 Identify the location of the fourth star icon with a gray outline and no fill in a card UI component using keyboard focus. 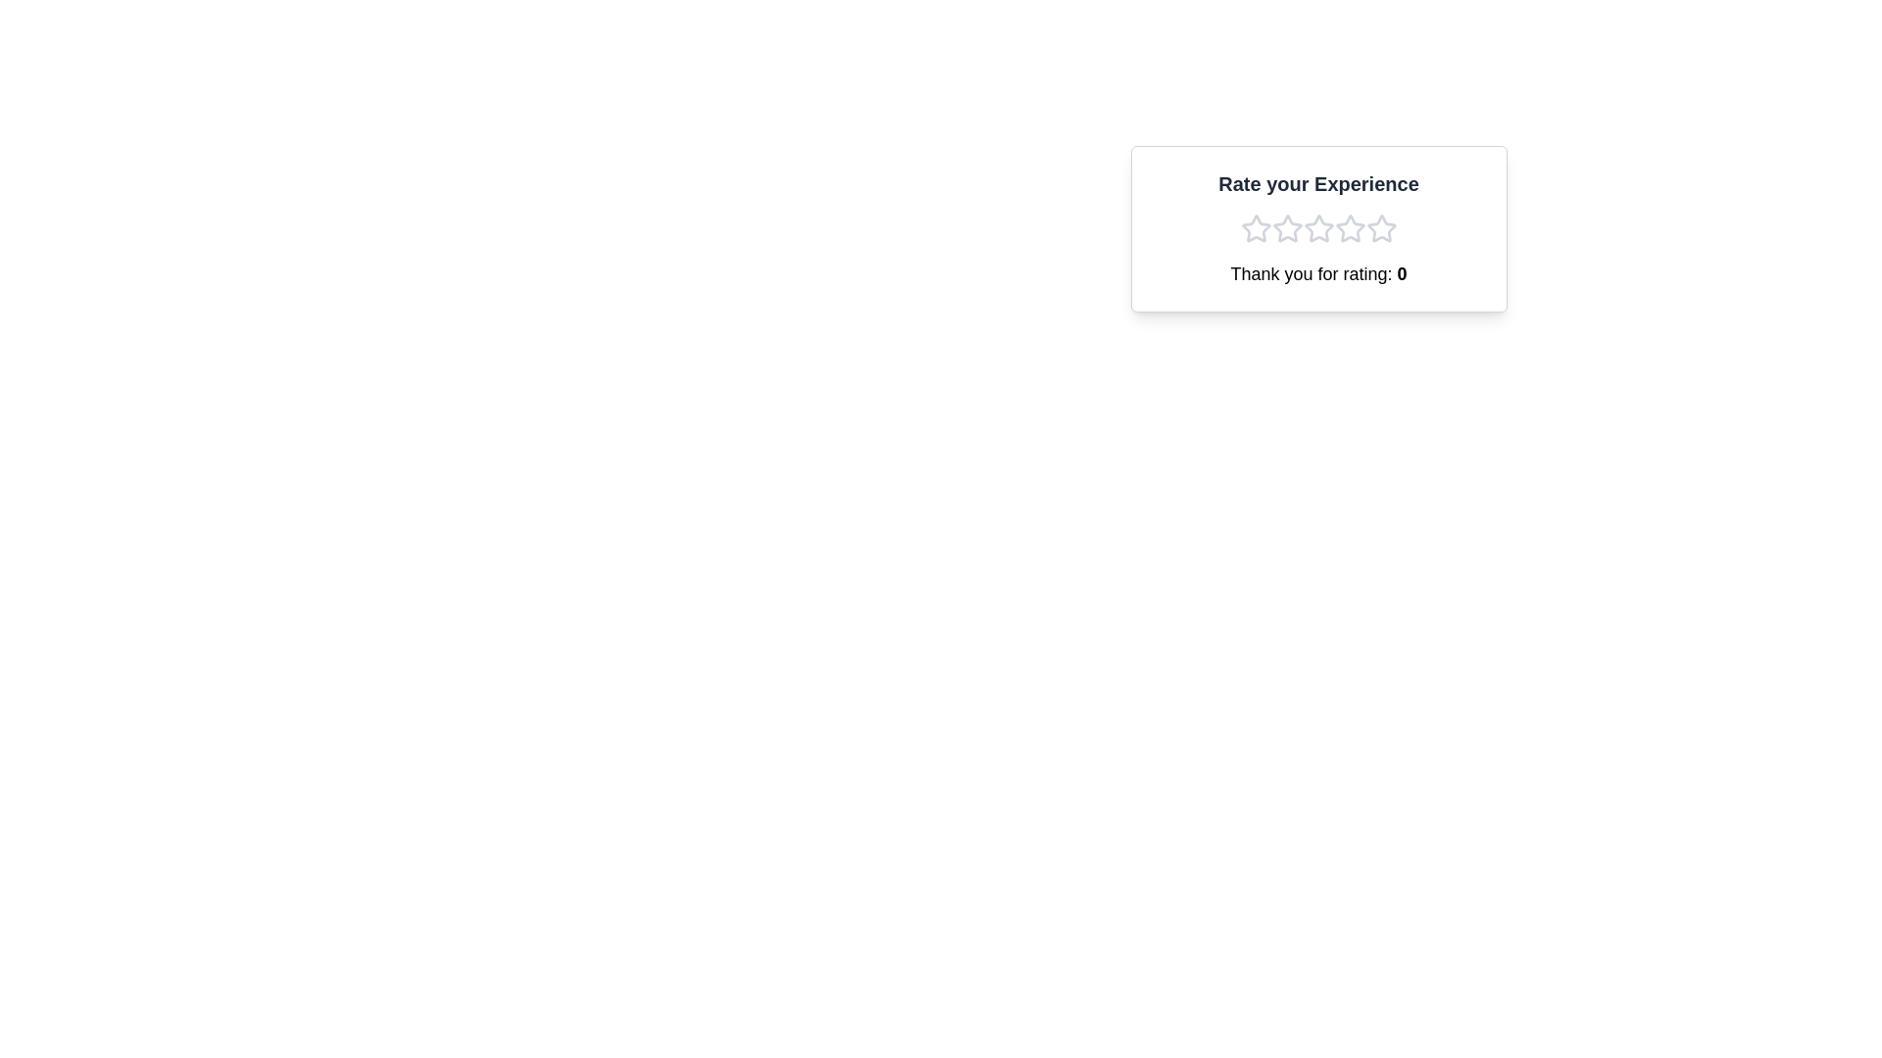
(1349, 228).